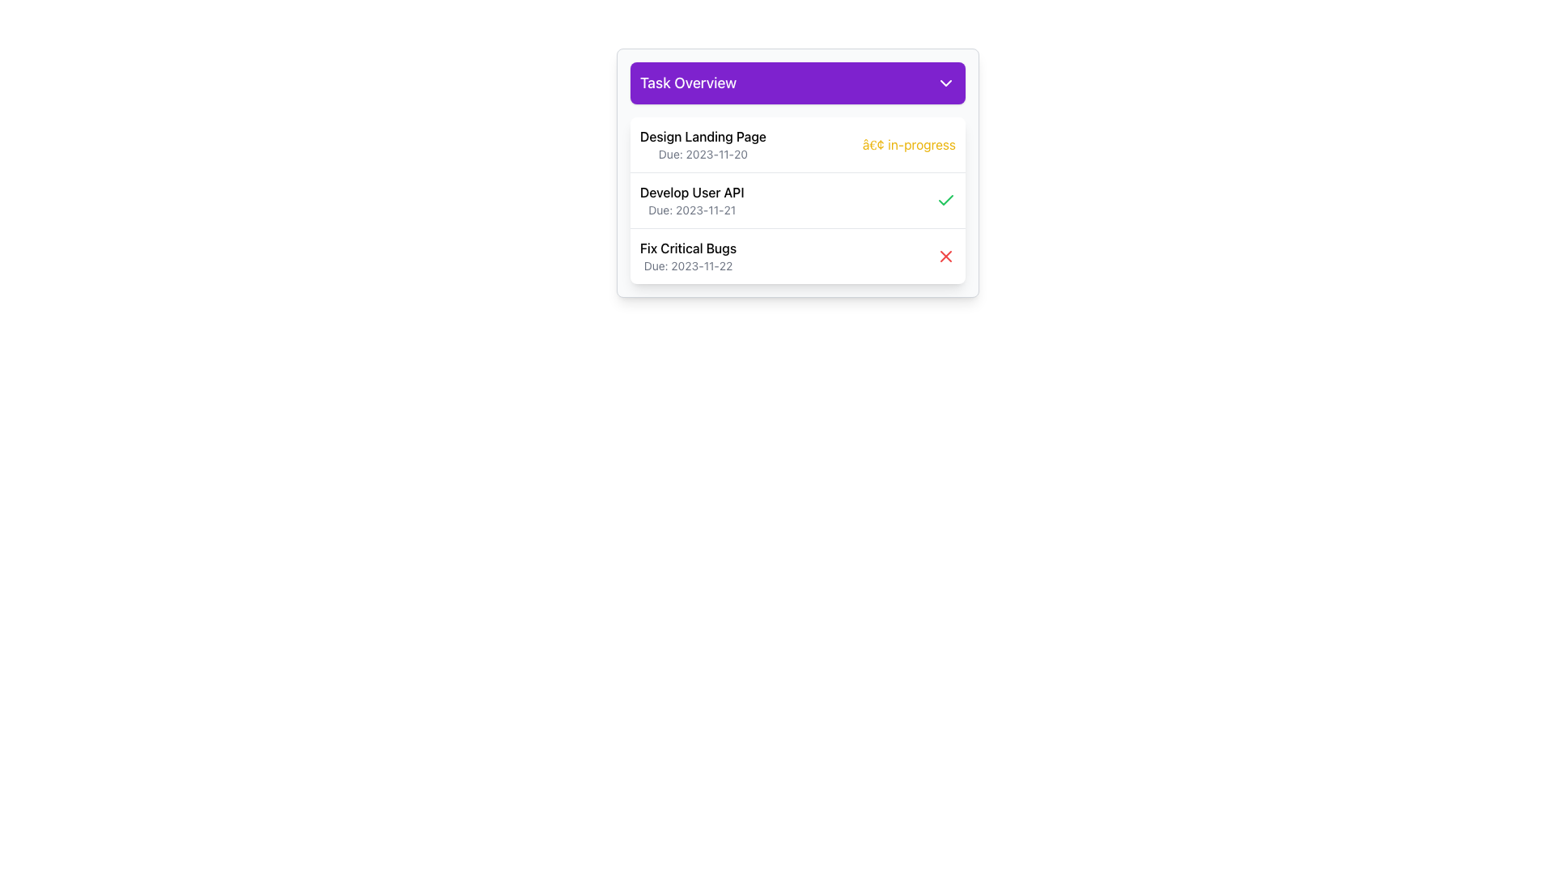  What do you see at coordinates (797, 199) in the screenshot?
I see `the second task entry within the 'Task Overview' card` at bounding box center [797, 199].